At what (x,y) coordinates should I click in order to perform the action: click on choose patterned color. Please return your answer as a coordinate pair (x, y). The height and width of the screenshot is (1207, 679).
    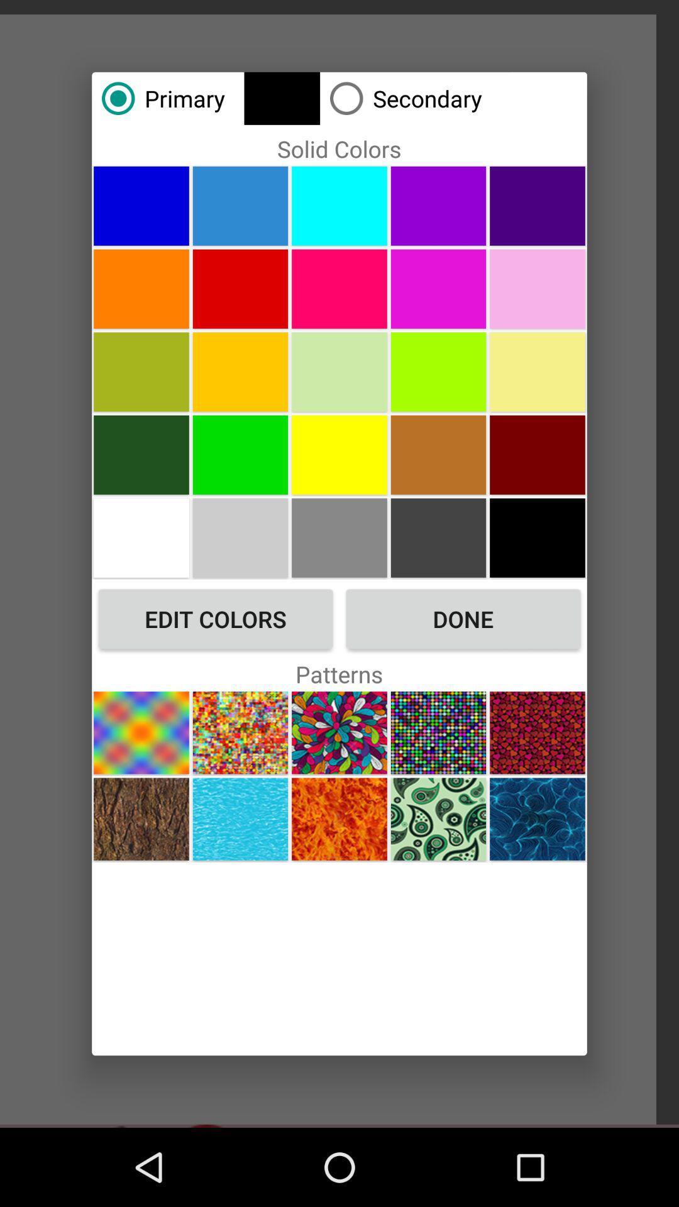
    Looking at the image, I should click on (438, 732).